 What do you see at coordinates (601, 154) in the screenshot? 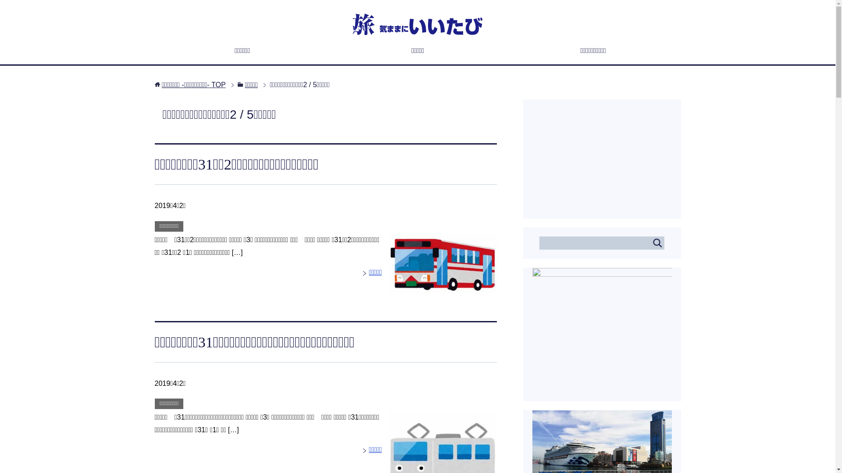
I see `'Advertisement'` at bounding box center [601, 154].